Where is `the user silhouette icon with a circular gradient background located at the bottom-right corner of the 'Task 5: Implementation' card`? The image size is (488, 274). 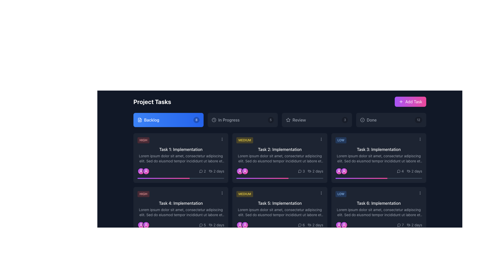
the user silhouette icon with a circular gradient background located at the bottom-right corner of the 'Task 5: Implementation' card is located at coordinates (245, 225).